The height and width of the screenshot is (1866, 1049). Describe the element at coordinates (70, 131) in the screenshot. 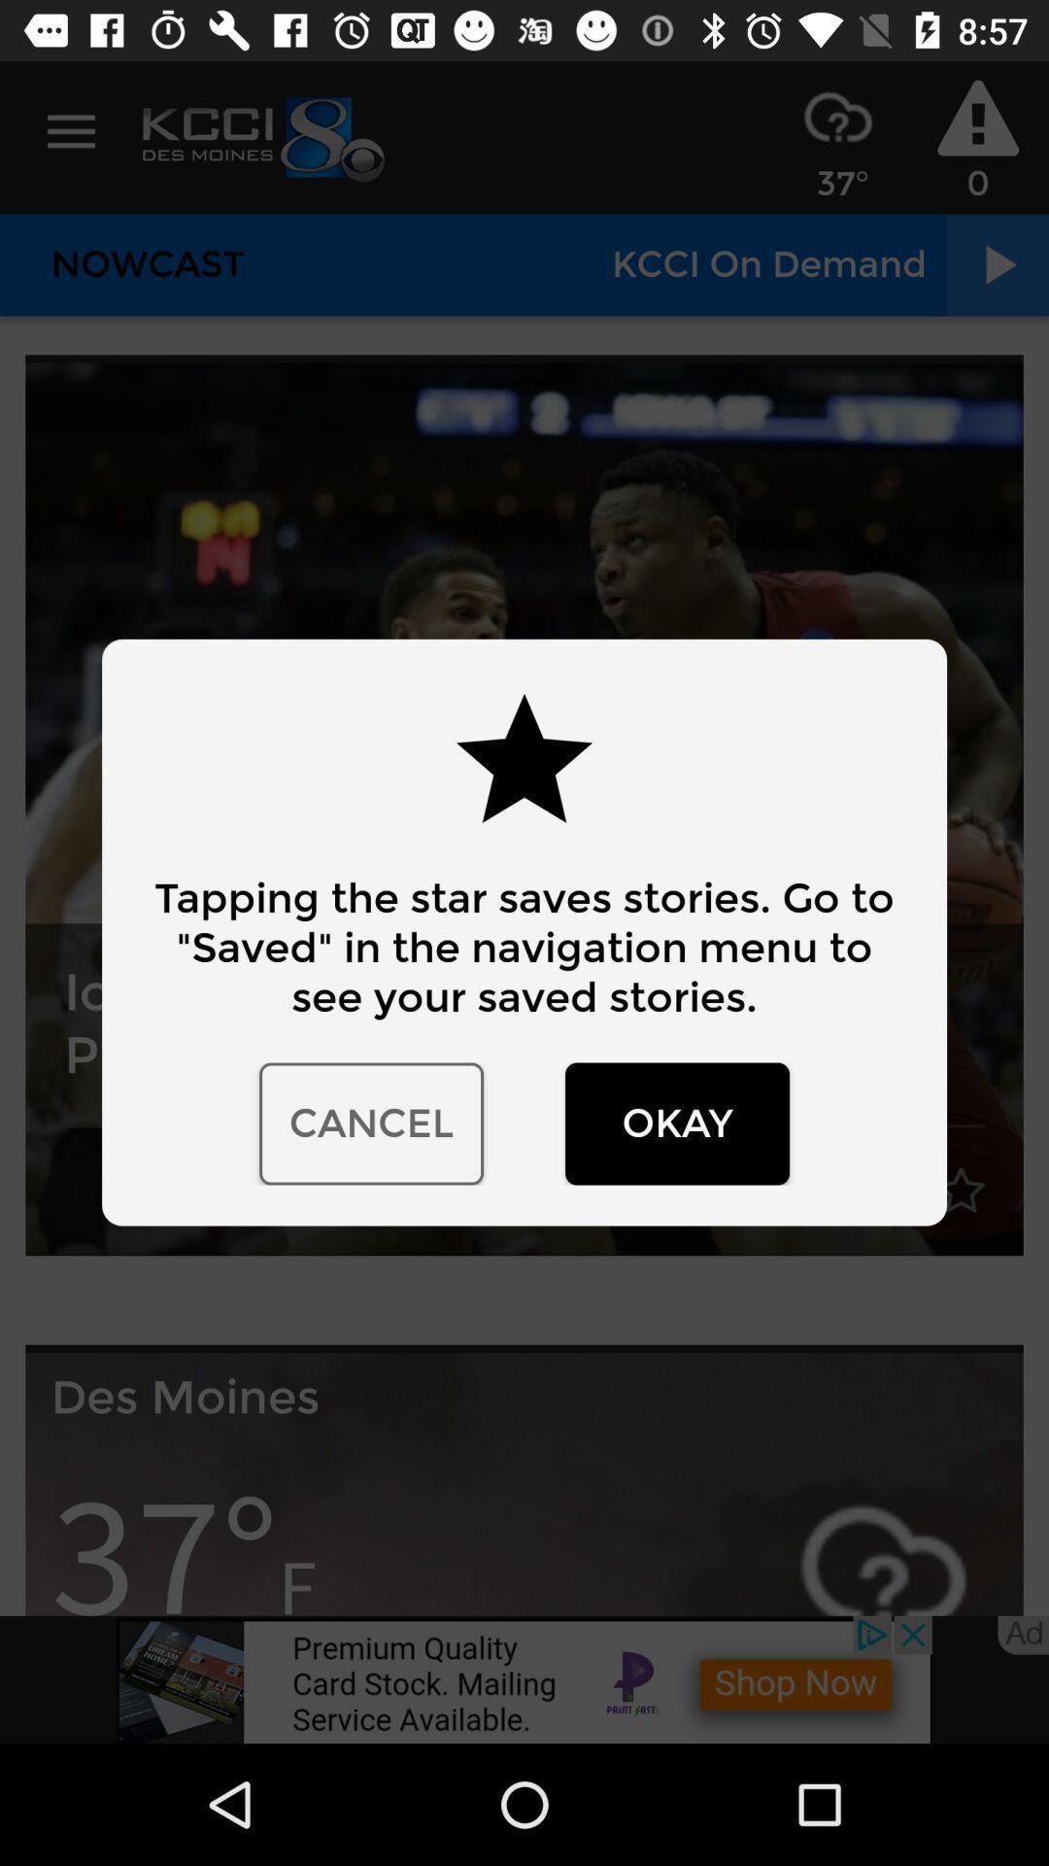

I see `the menu icon` at that location.